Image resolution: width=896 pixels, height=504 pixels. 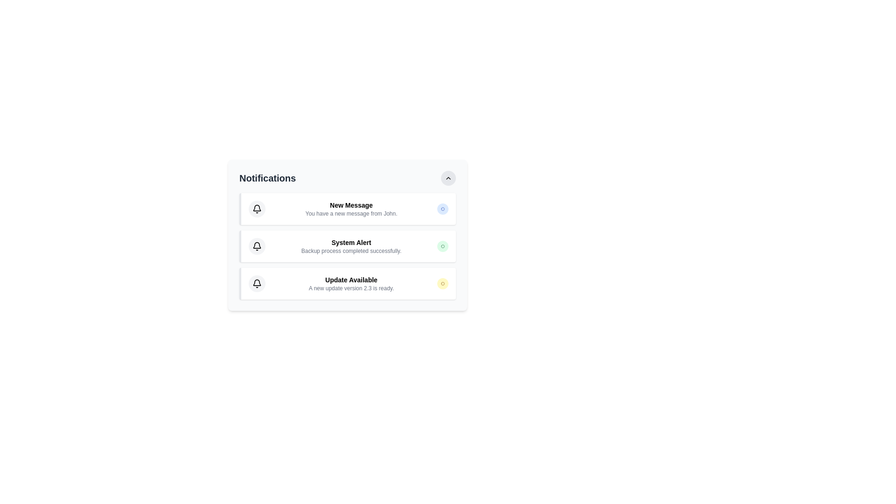 What do you see at coordinates (347, 235) in the screenshot?
I see `text of the Notification card indicating successful completion of a backup process, located in the middle of the vertical list of notifications under the 'Notifications' header` at bounding box center [347, 235].